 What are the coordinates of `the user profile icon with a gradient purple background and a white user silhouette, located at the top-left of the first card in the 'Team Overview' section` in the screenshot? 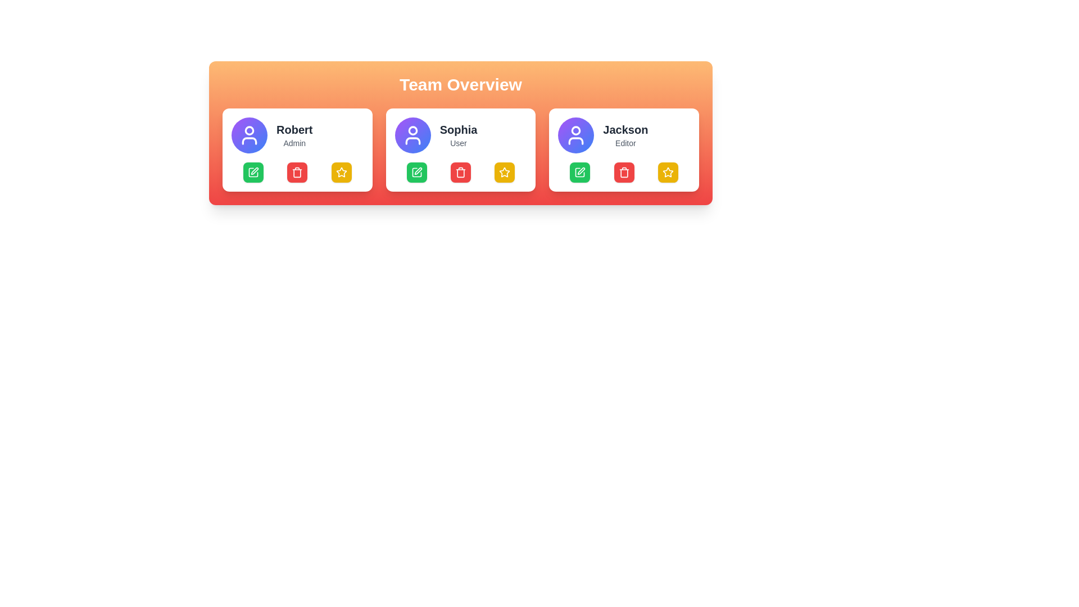 It's located at (249, 134).